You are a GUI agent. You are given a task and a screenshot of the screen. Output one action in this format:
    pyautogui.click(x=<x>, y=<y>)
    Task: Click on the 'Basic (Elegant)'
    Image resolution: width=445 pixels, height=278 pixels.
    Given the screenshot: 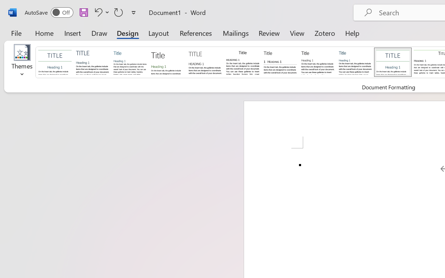 What is the action you would take?
    pyautogui.click(x=92, y=62)
    